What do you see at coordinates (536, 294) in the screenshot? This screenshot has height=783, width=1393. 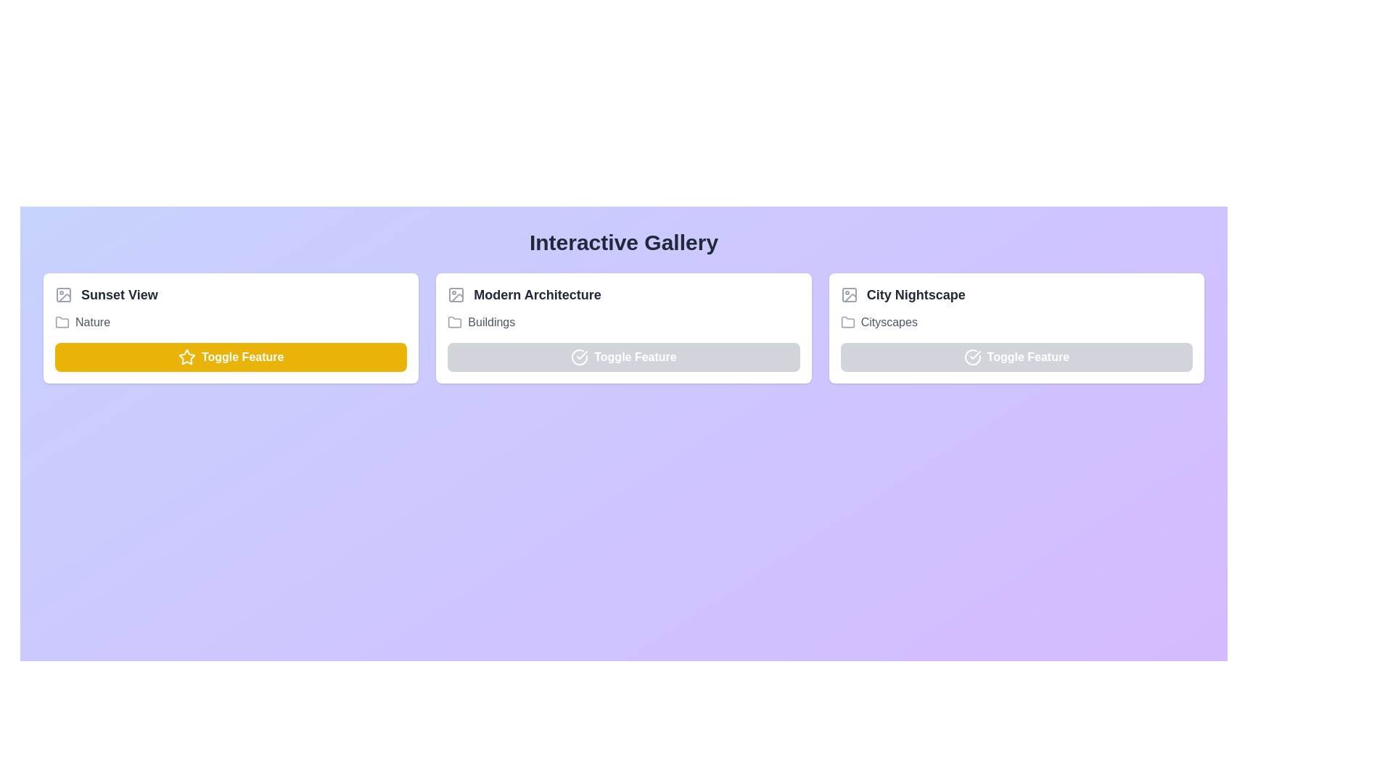 I see `the main title label located in the center tile of the horizontally-arranged grid structure to trigger tooltip or emphasis effects` at bounding box center [536, 294].